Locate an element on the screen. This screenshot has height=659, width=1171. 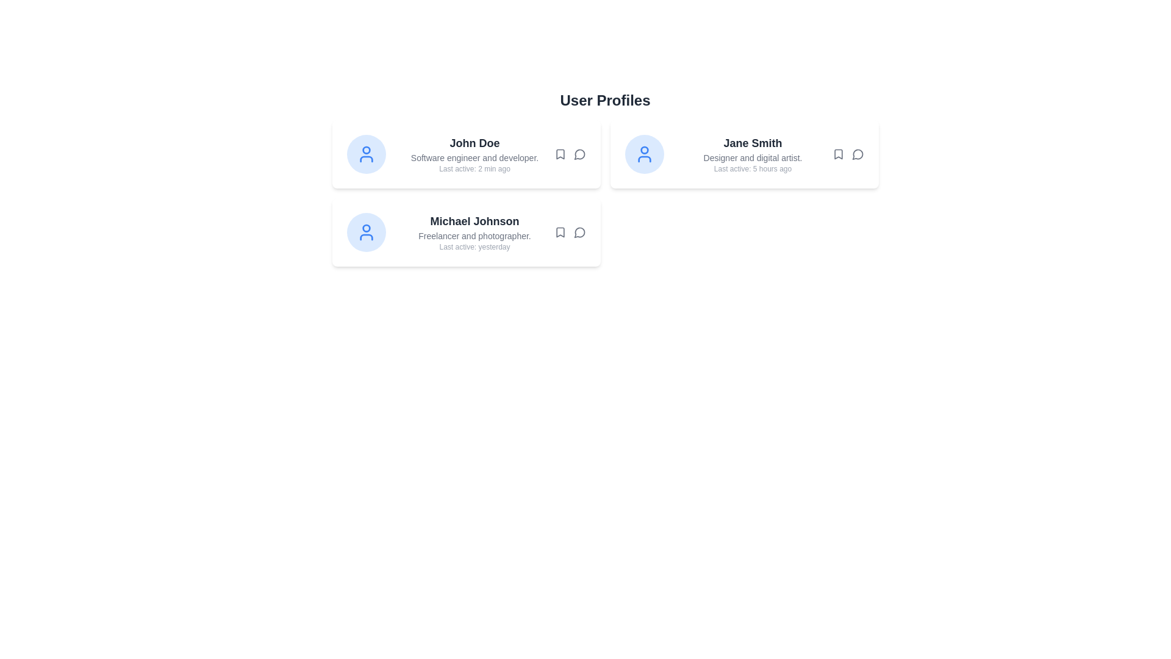
the decorative SVG circle representing the user profile icon for 'Jane Smith' located in the top-right quadrant of the layout is located at coordinates (643, 149).